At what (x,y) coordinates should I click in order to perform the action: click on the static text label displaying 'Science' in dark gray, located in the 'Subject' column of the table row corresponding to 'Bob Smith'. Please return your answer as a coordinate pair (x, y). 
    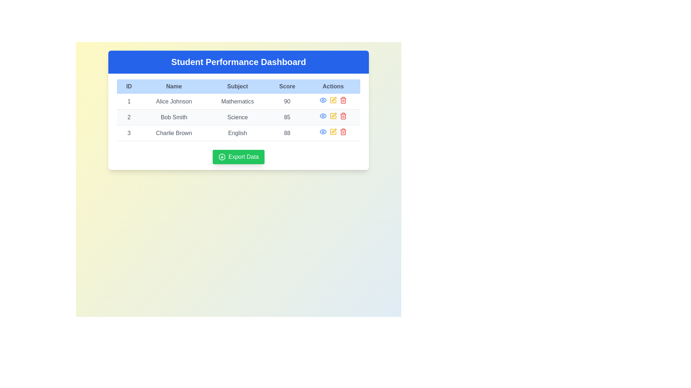
    Looking at the image, I should click on (238, 117).